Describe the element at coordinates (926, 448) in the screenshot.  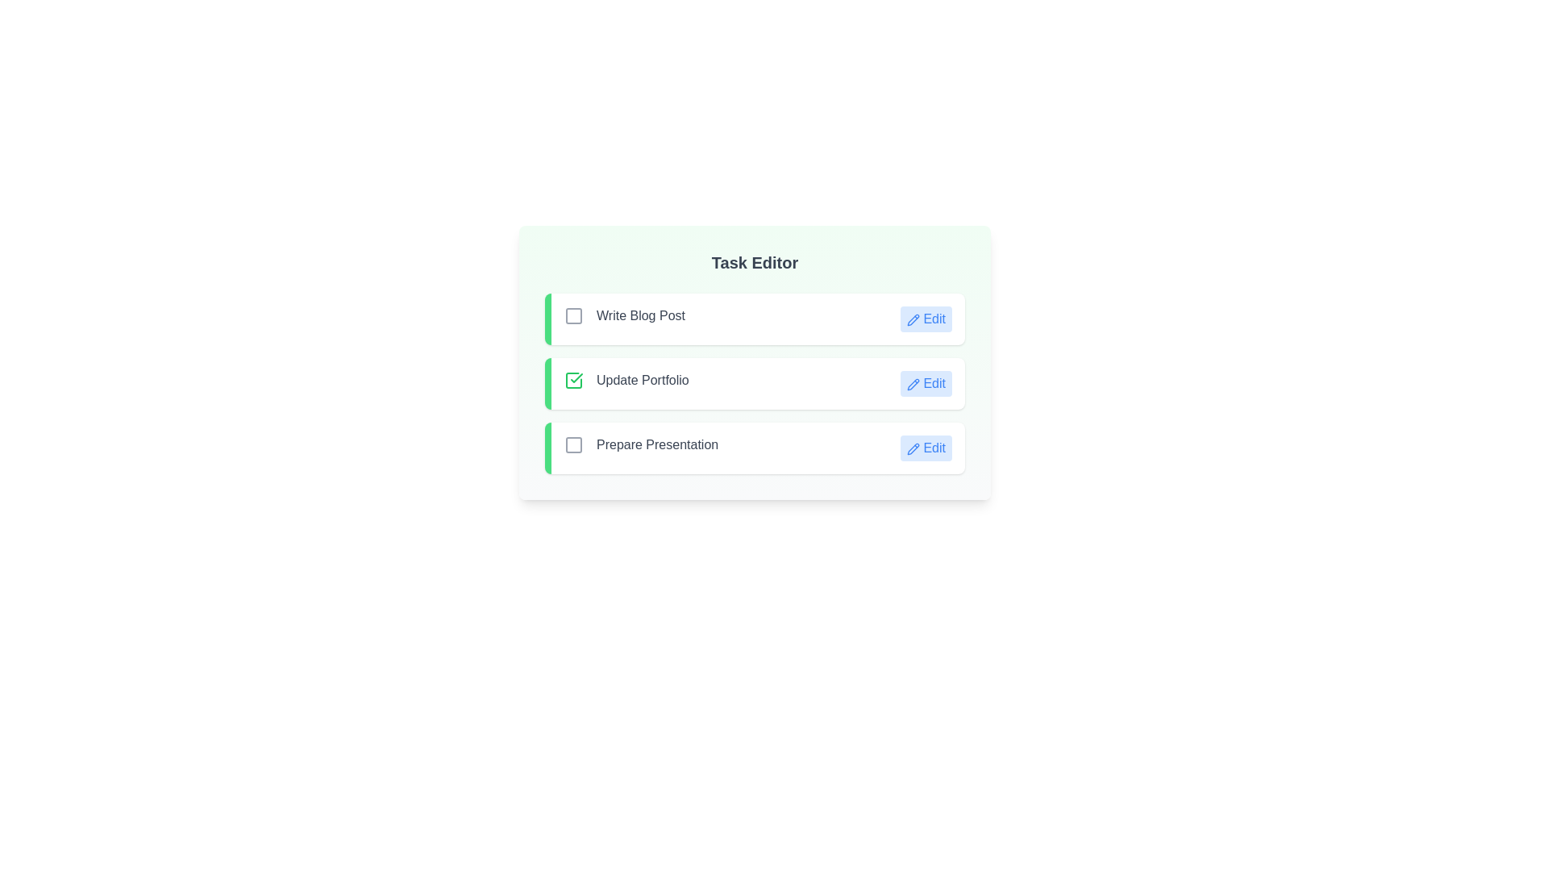
I see `'Edit' button for the task 'Prepare Presentation'` at that location.